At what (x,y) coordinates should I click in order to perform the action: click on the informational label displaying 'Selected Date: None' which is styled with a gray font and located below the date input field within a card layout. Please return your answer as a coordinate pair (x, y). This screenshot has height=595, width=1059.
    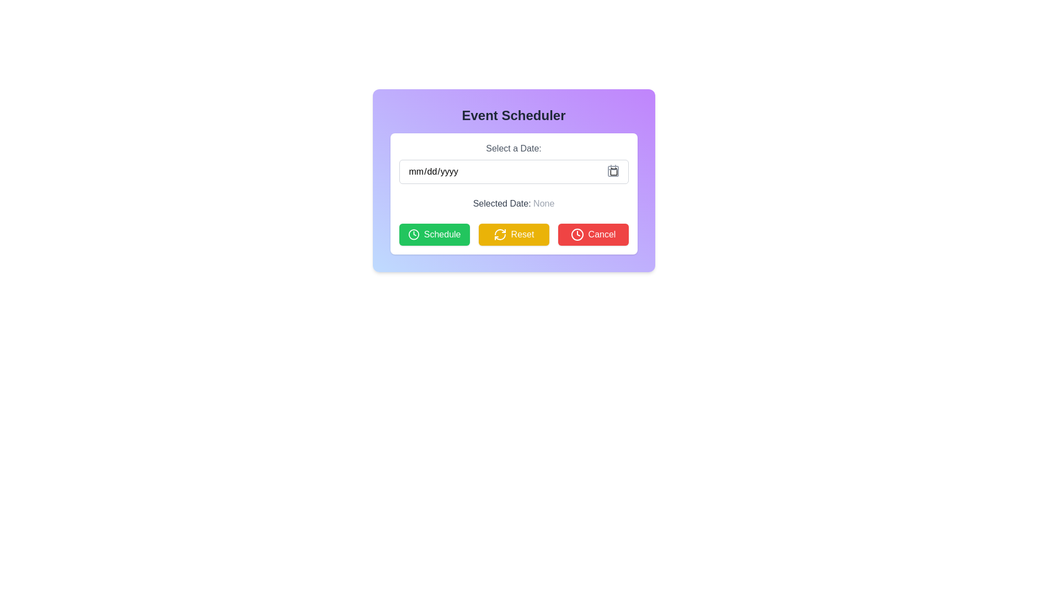
    Looking at the image, I should click on (513, 204).